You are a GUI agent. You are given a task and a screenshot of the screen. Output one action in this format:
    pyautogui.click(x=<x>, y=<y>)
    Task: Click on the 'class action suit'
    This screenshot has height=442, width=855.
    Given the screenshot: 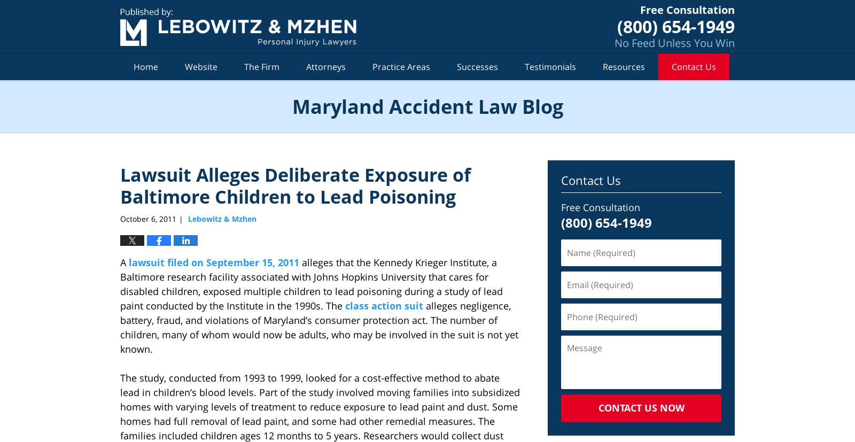 What is the action you would take?
    pyautogui.click(x=384, y=305)
    